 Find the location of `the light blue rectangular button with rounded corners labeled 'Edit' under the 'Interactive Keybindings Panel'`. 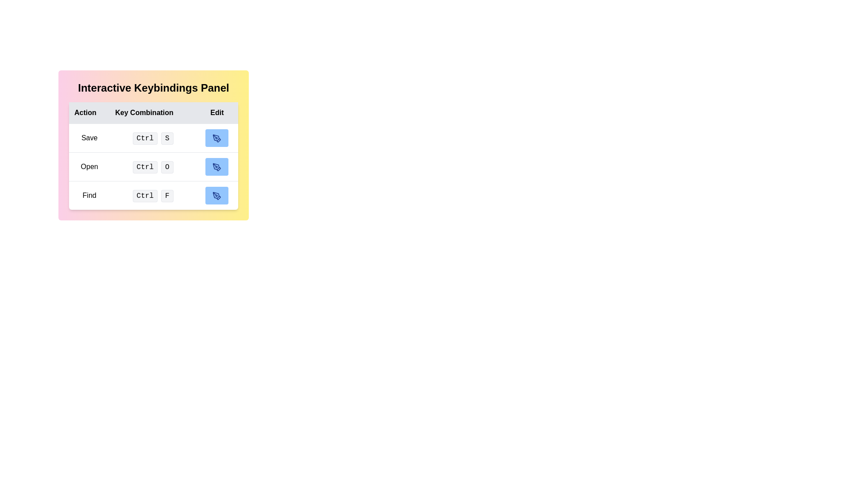

the light blue rectangular button with rounded corners labeled 'Edit' under the 'Interactive Keybindings Panel' is located at coordinates (216, 195).